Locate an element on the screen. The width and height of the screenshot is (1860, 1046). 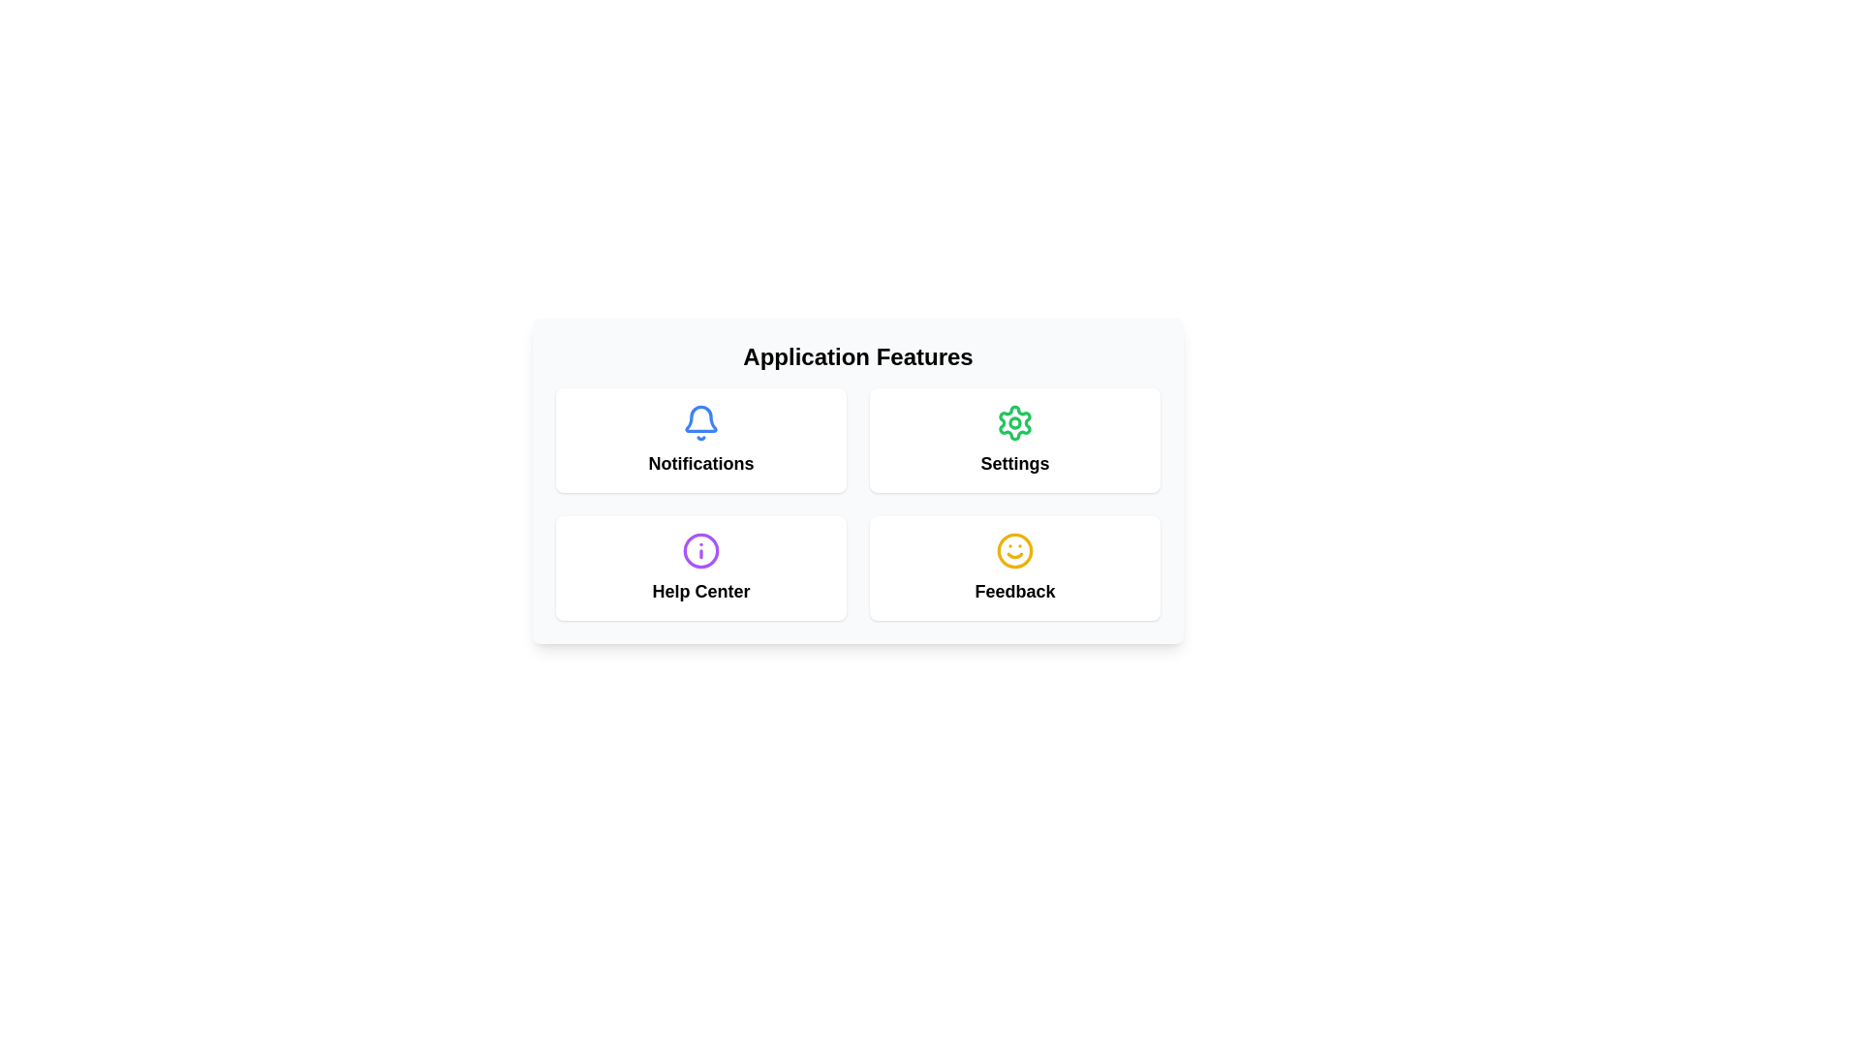
the 'Help Center' icon located in the first column of the second row under the 'Application Features' section is located at coordinates (700, 551).